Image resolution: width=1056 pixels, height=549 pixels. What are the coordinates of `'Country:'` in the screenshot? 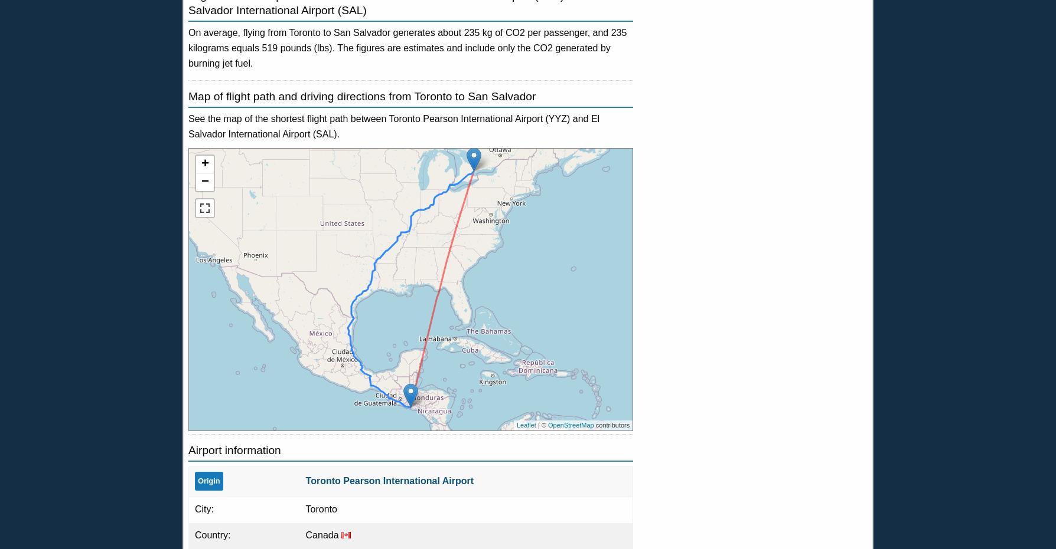 It's located at (211, 534).